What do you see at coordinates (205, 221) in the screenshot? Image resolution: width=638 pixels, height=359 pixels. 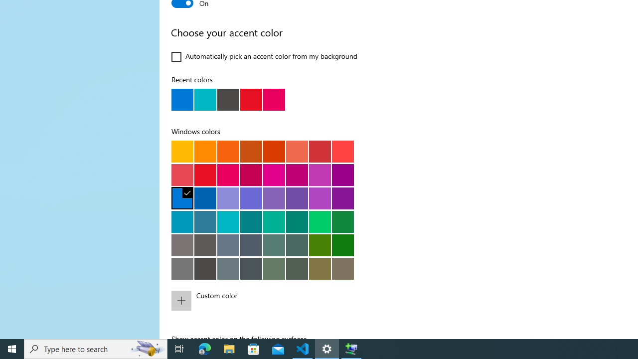 I see `'Cool blue'` at bounding box center [205, 221].